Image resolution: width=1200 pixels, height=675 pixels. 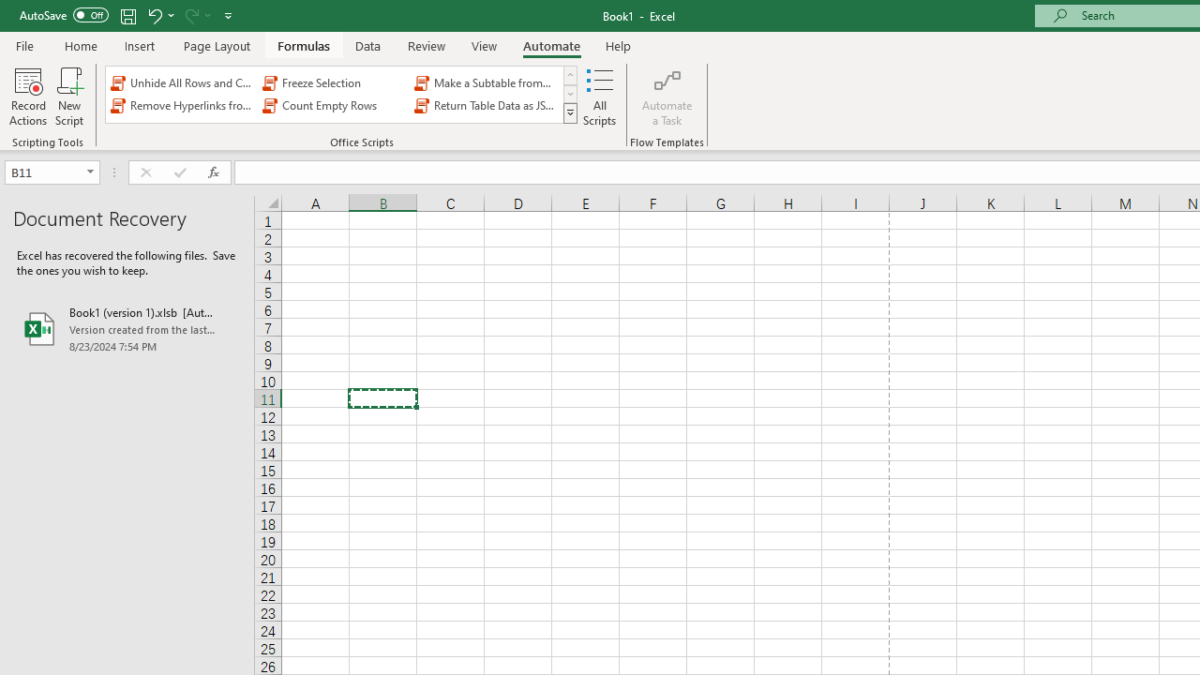 What do you see at coordinates (68, 97) in the screenshot?
I see `'New Script'` at bounding box center [68, 97].